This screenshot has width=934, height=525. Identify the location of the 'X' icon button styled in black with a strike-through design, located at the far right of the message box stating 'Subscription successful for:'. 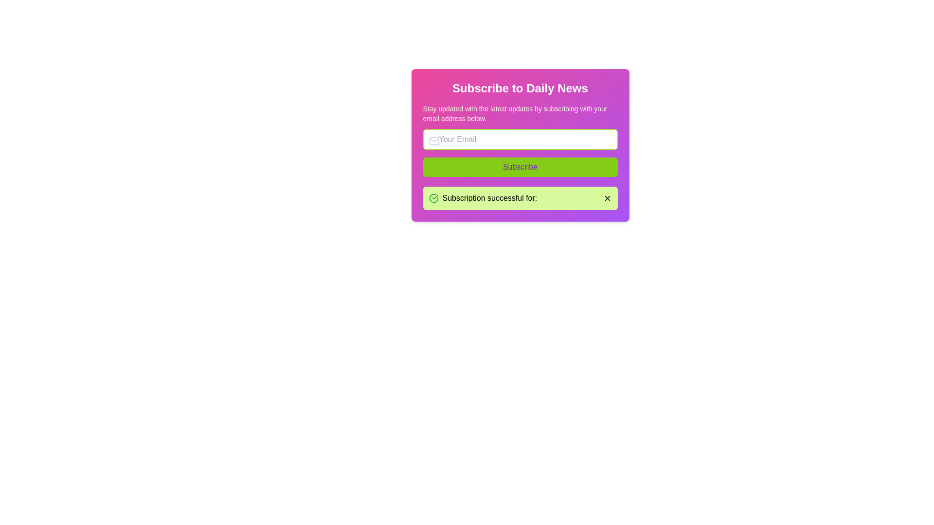
(607, 198).